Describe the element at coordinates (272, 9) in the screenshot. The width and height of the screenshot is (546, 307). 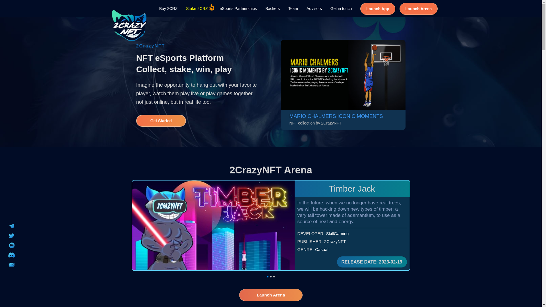
I see `'Backers'` at that location.